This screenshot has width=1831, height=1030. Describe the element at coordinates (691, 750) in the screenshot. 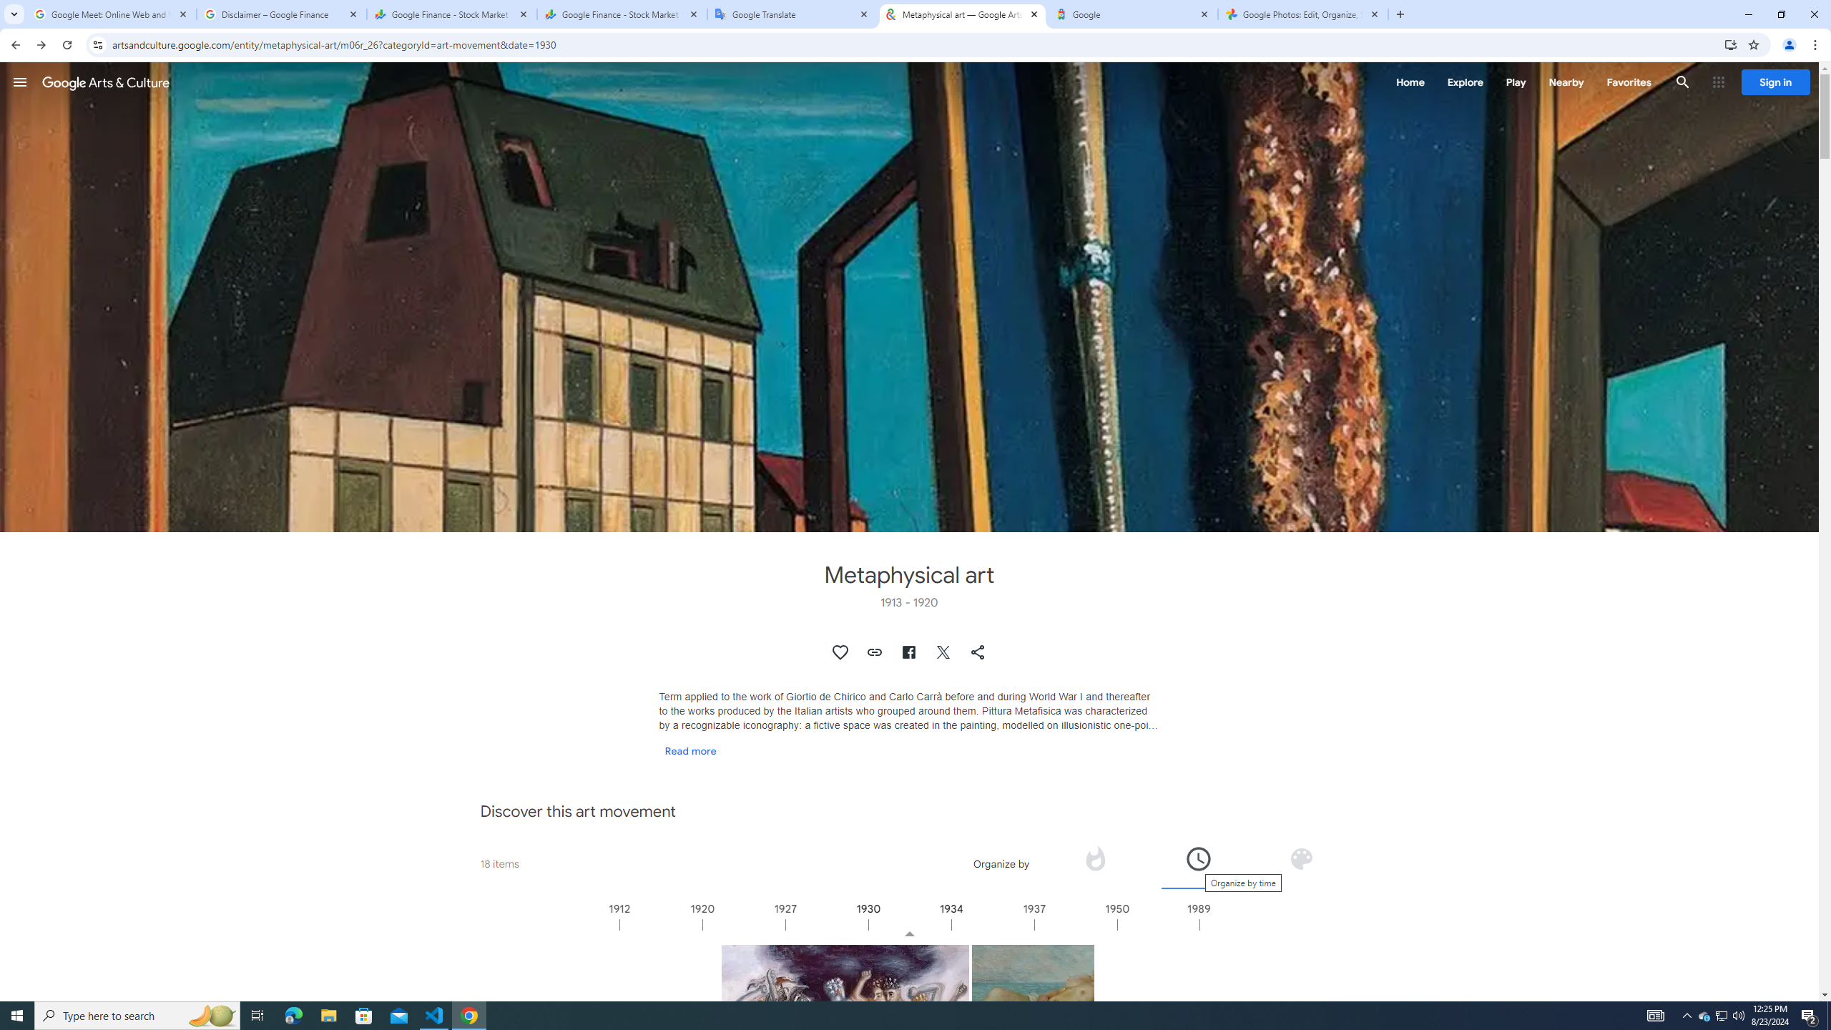

I see `'Read more'` at that location.